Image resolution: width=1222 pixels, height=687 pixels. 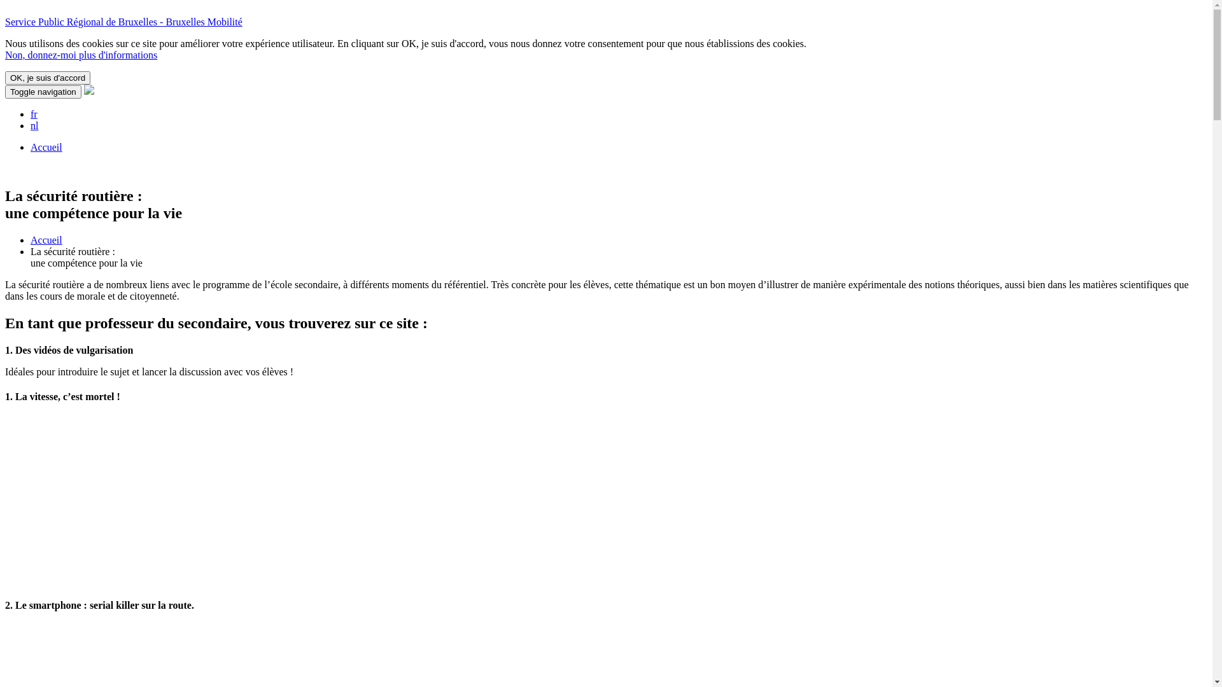 I want to click on 'nl', so click(x=34, y=125).